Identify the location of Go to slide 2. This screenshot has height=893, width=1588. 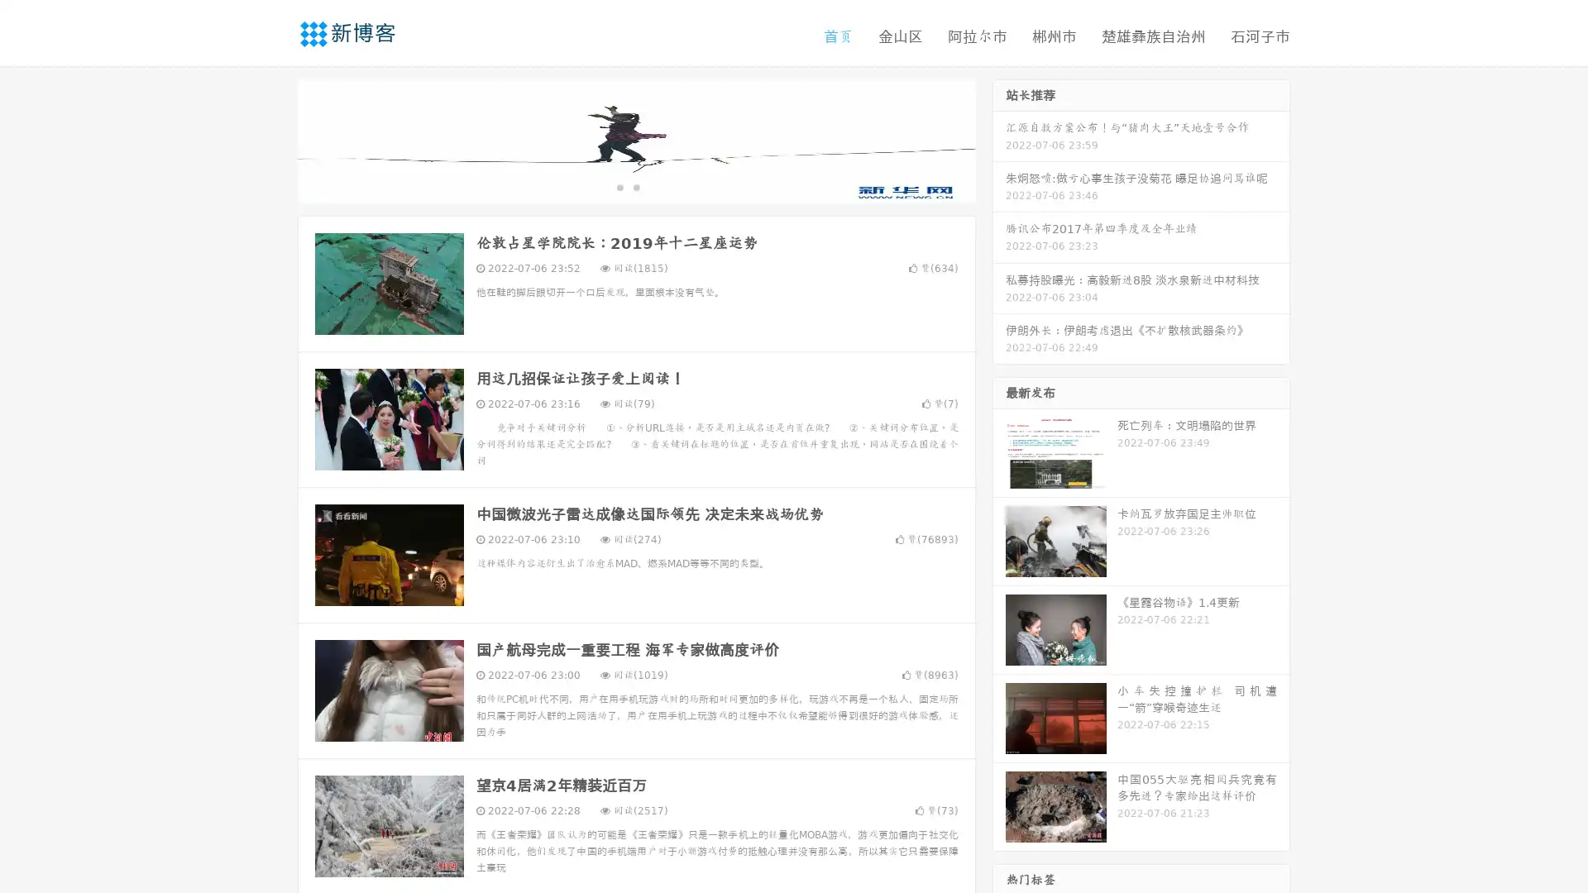
(635, 186).